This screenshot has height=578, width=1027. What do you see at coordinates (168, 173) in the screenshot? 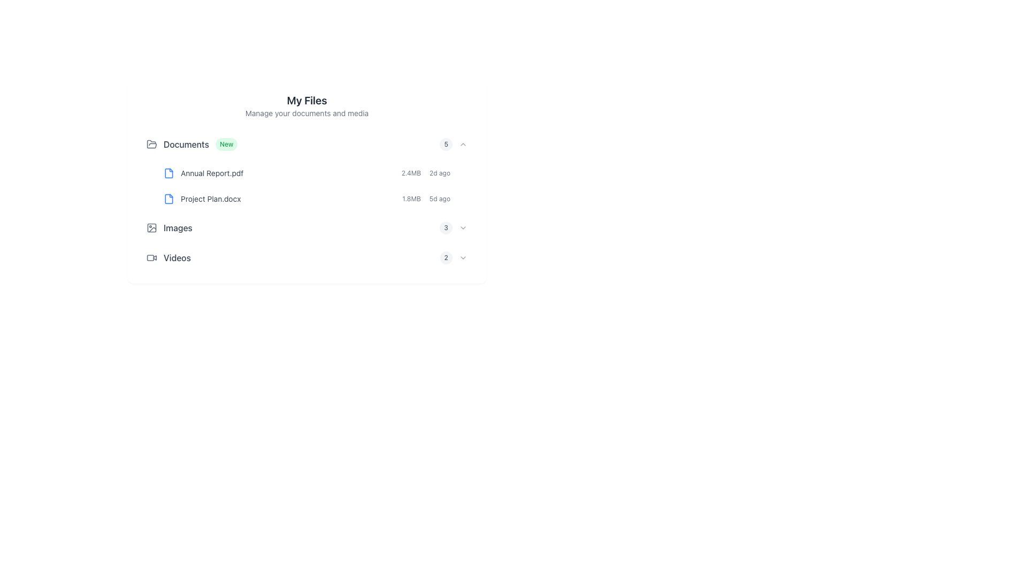
I see `the small blue file icon located to the left of the text 'Annual Report.pdf' in the 'Documents' section under 'My Files'` at bounding box center [168, 173].